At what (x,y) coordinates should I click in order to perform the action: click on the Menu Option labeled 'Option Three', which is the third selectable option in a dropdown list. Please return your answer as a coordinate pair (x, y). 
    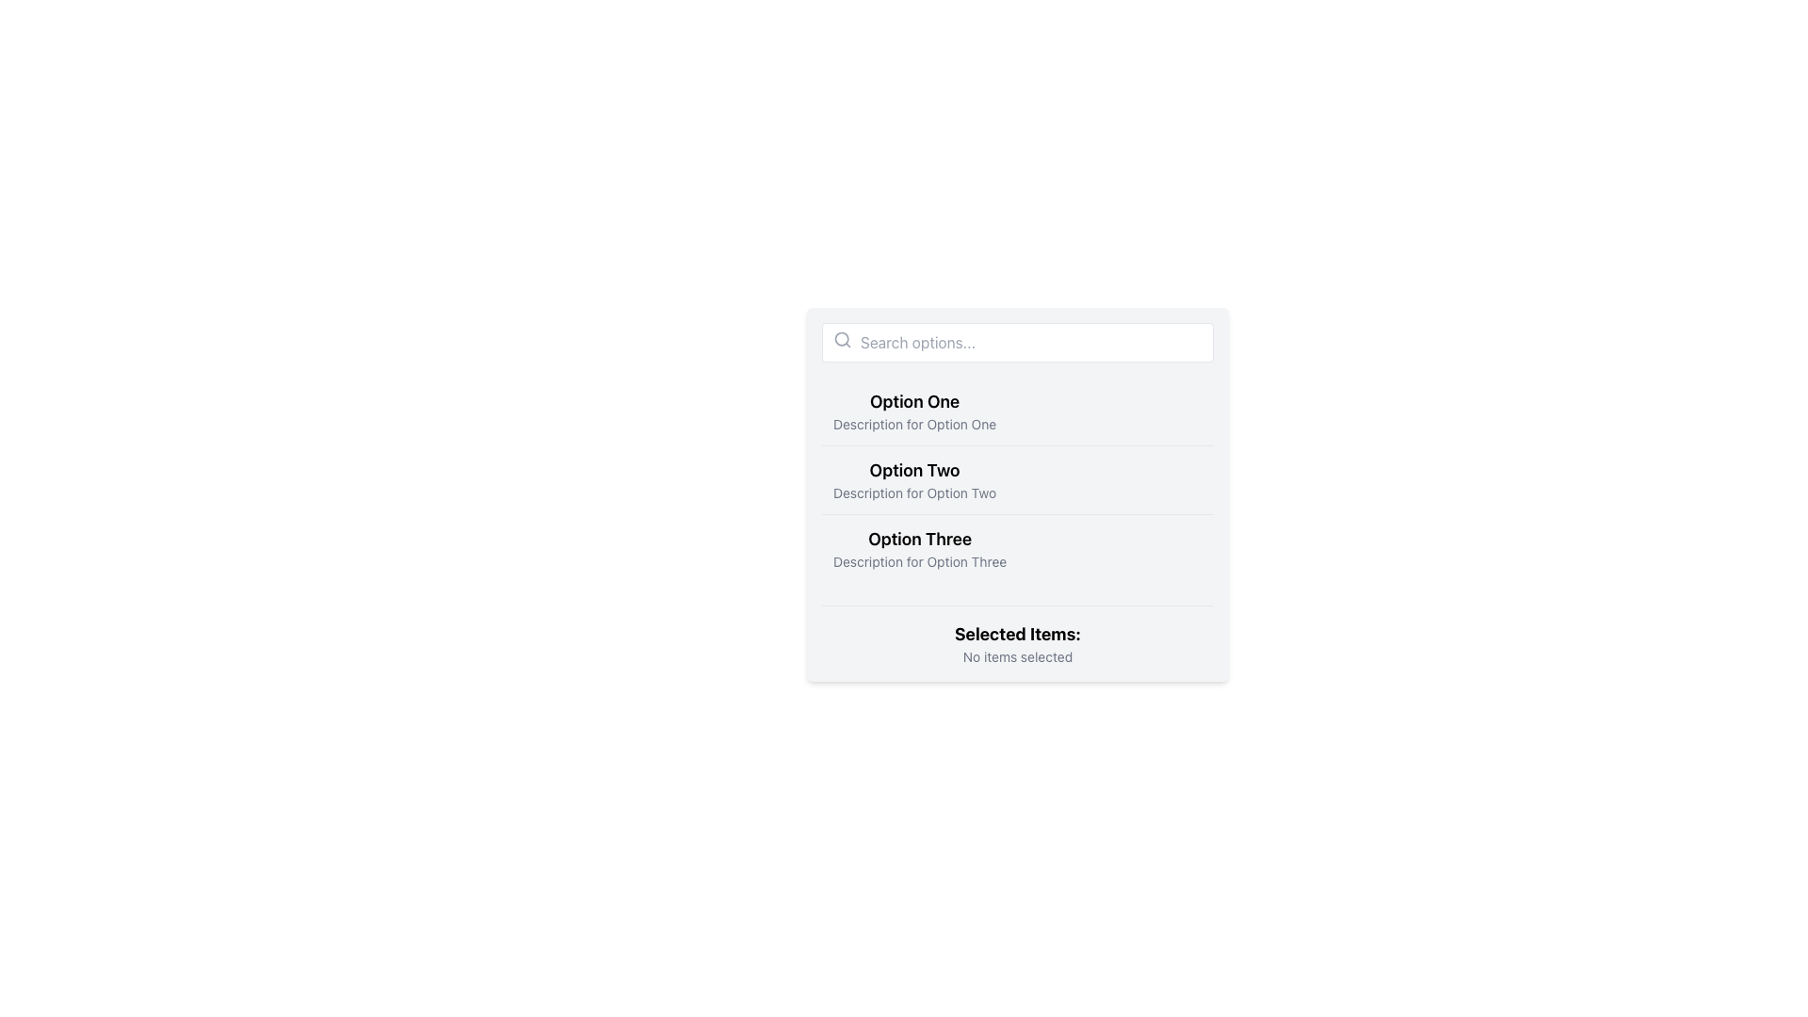
    Looking at the image, I should click on (920, 548).